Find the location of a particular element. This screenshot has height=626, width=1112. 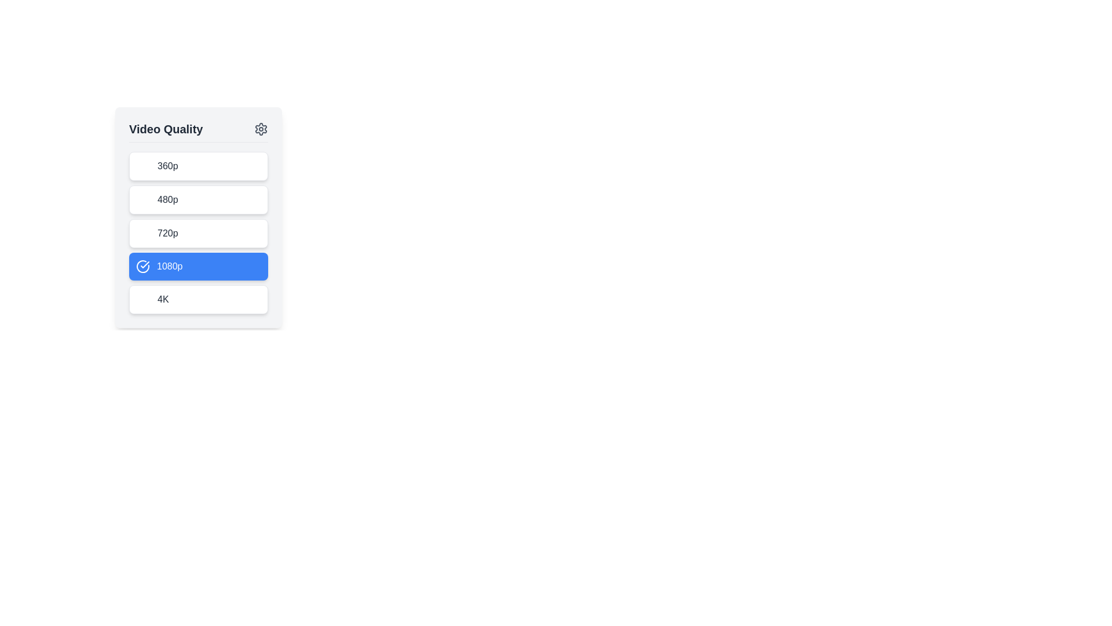

the bold text label reading 'Video Quality', which is prominently displayed at the top of a section containing video quality options is located at coordinates (165, 129).